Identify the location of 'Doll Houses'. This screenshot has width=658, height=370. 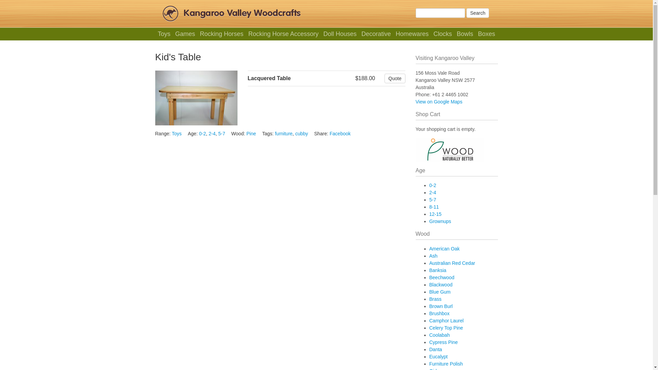
(340, 34).